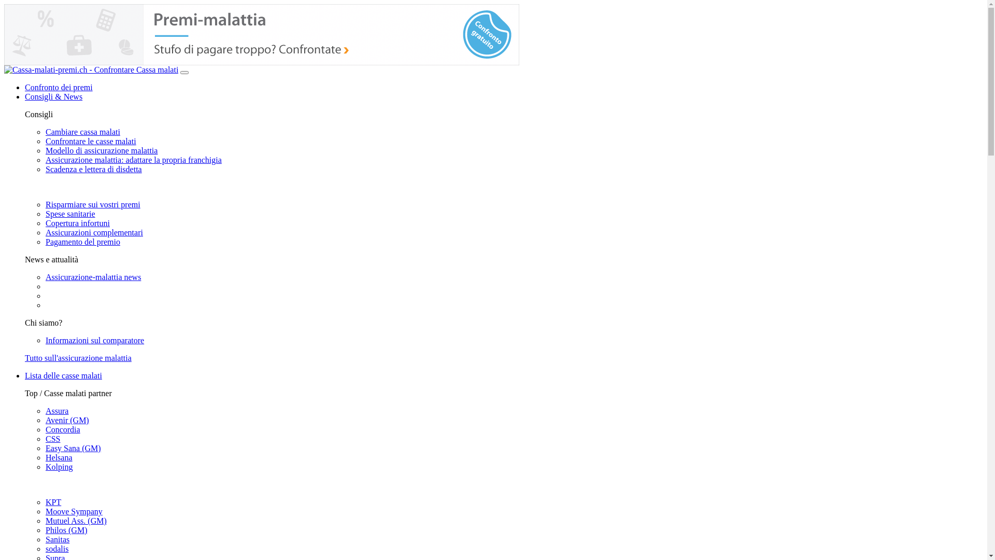 The height and width of the screenshot is (560, 995). What do you see at coordinates (93, 276) in the screenshot?
I see `'Assicurazione-malattia news'` at bounding box center [93, 276].